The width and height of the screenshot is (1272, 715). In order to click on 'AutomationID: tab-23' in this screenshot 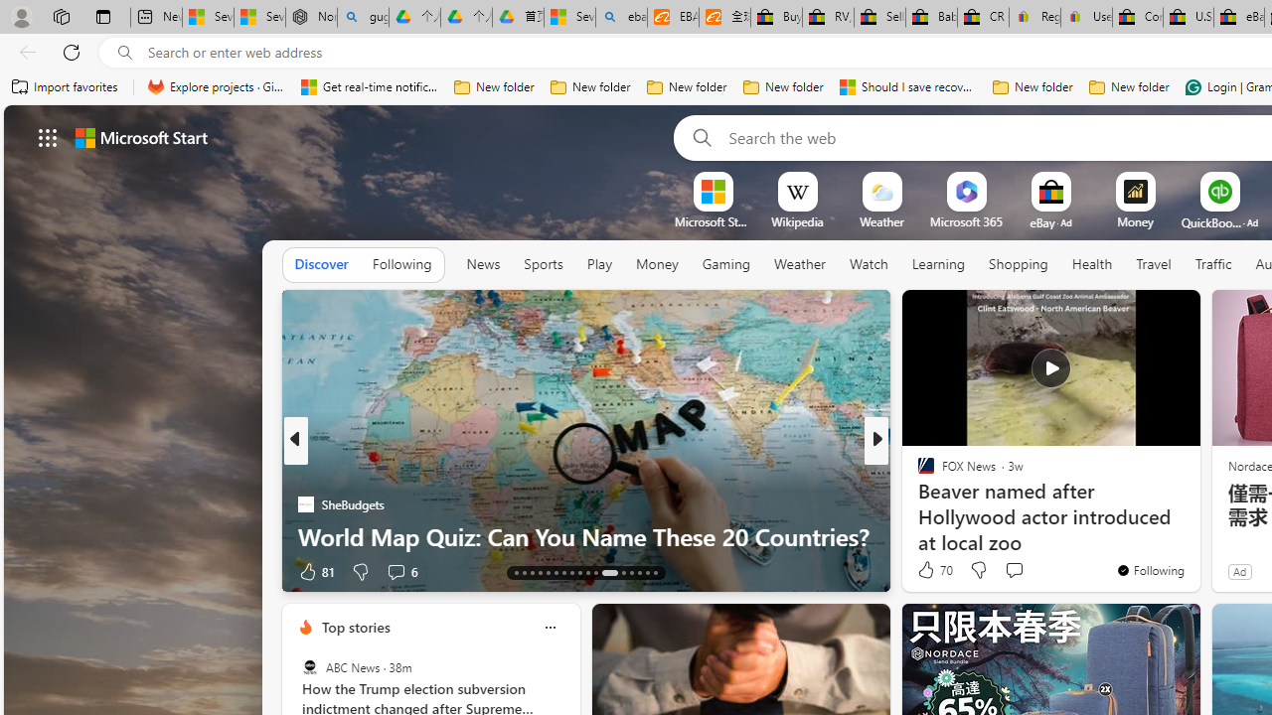, I will do `click(594, 573)`.